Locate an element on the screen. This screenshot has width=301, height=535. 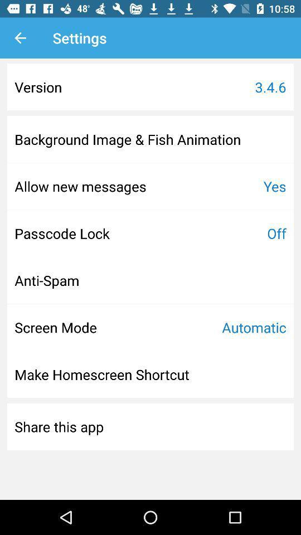
icon above the off is located at coordinates (274, 186).